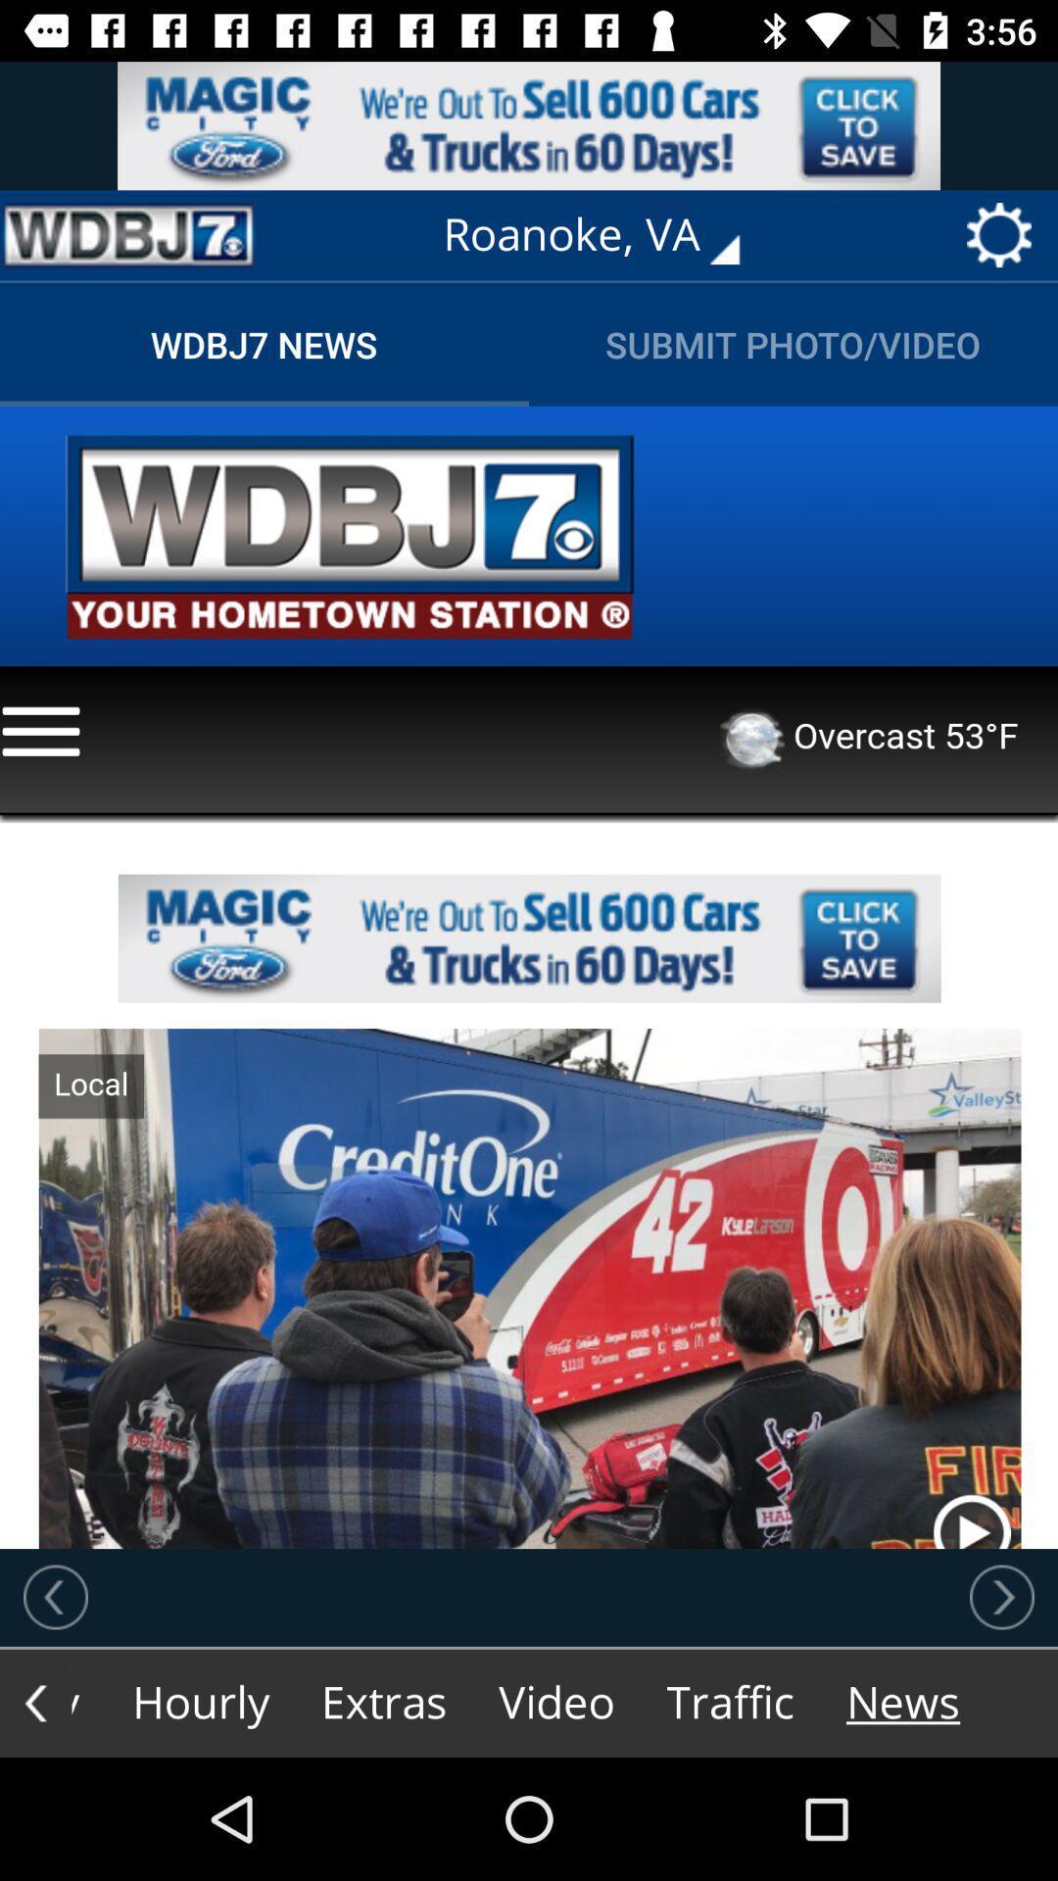 Image resolution: width=1058 pixels, height=1881 pixels. I want to click on advertisement page, so click(128, 235).